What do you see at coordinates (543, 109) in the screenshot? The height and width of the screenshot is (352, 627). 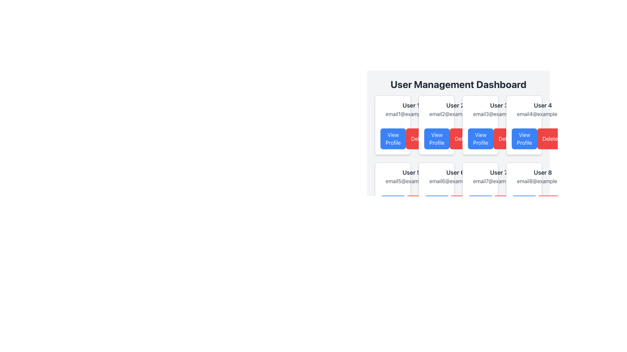 I see `the text block displaying 'User 4' and 'email4@example.com' in the user management dashboard UI` at bounding box center [543, 109].